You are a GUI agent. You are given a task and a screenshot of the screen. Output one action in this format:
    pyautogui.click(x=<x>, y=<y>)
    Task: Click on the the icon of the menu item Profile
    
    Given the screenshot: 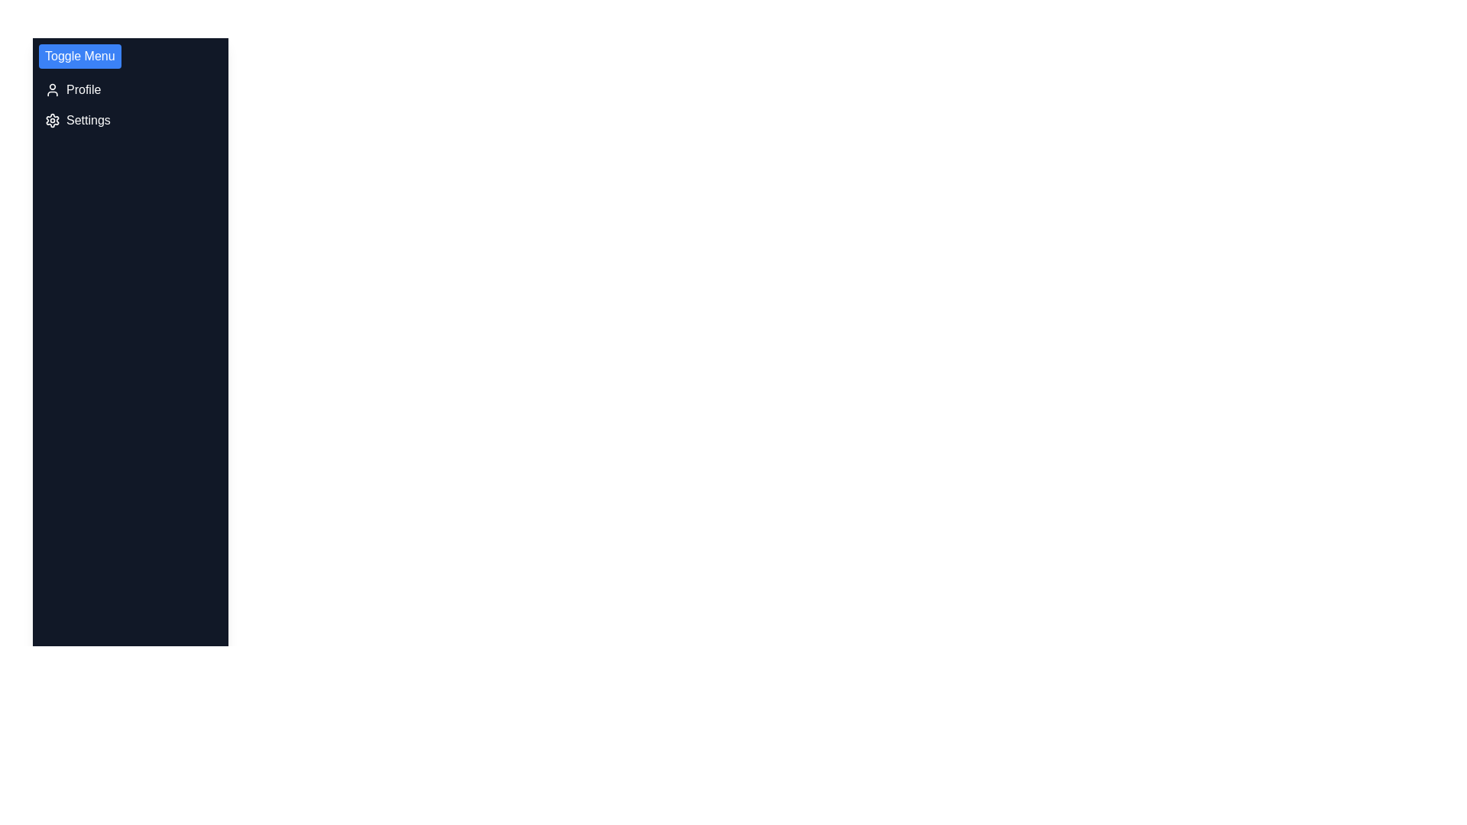 What is the action you would take?
    pyautogui.click(x=52, y=90)
    